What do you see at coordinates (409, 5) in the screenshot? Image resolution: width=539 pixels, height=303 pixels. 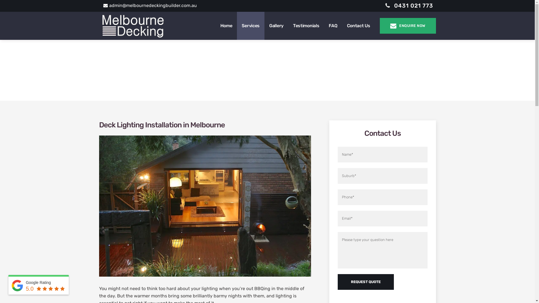 I see `'0431 021 773'` at bounding box center [409, 5].